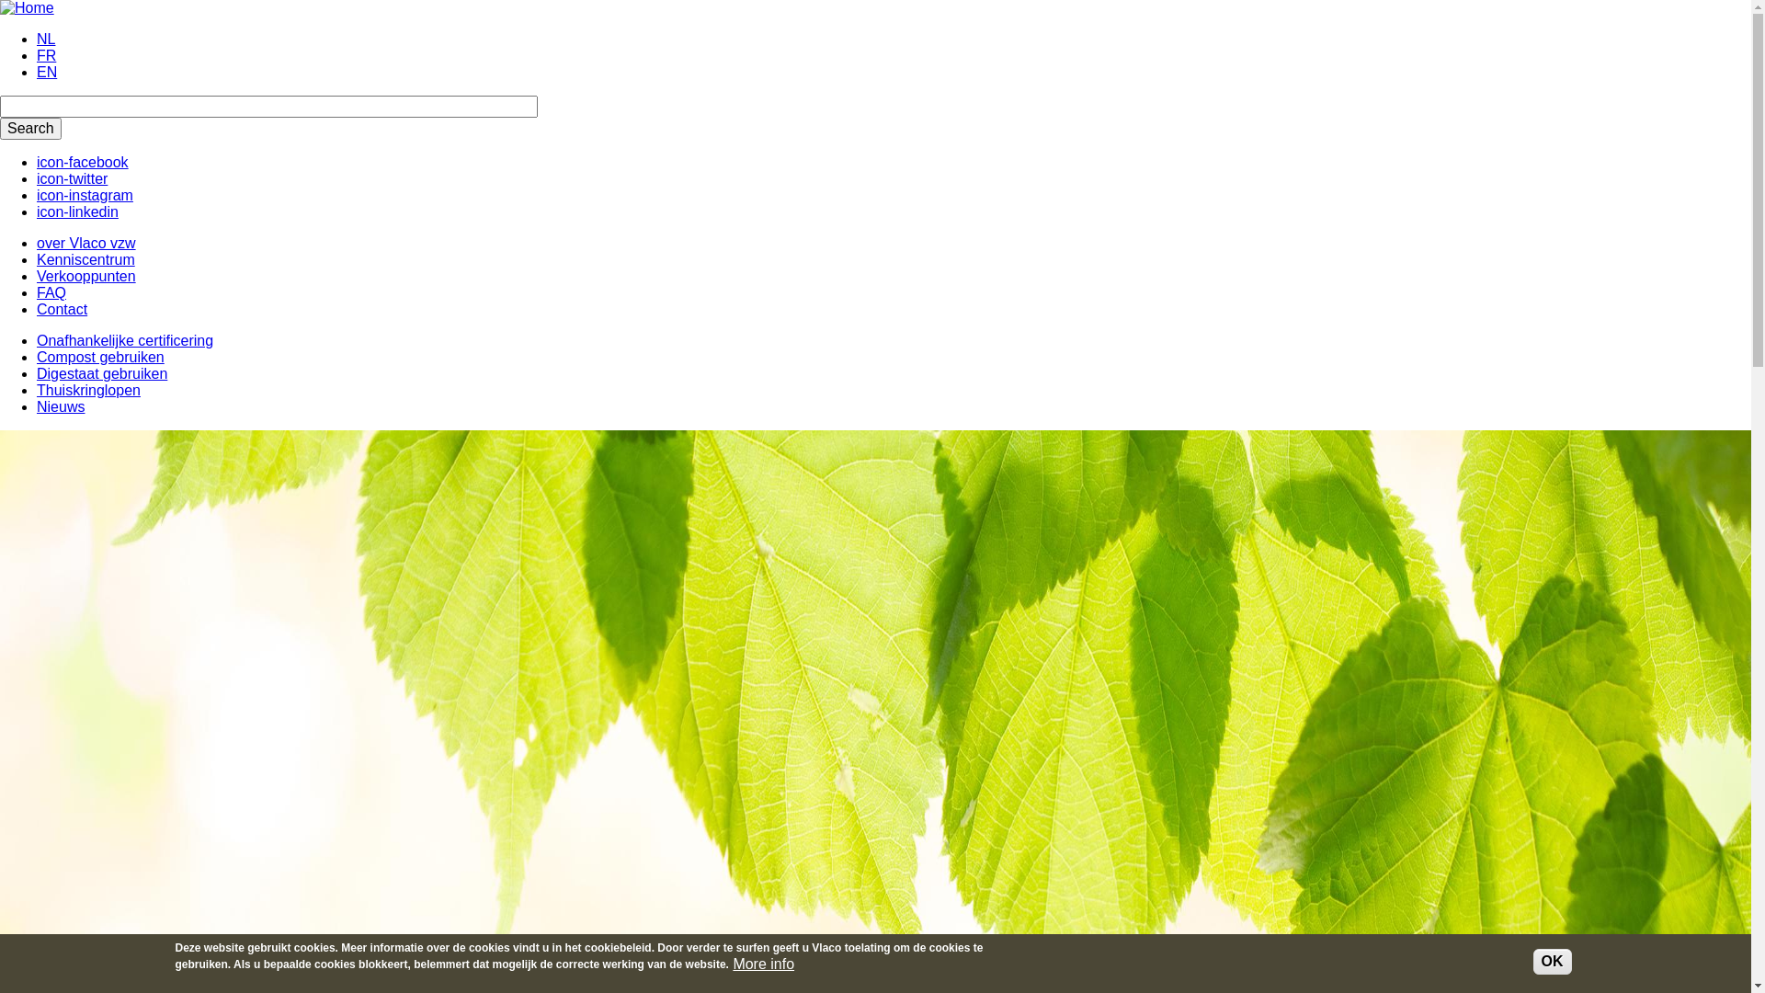  Describe the element at coordinates (76, 211) in the screenshot. I see `'icon-linkedin'` at that location.